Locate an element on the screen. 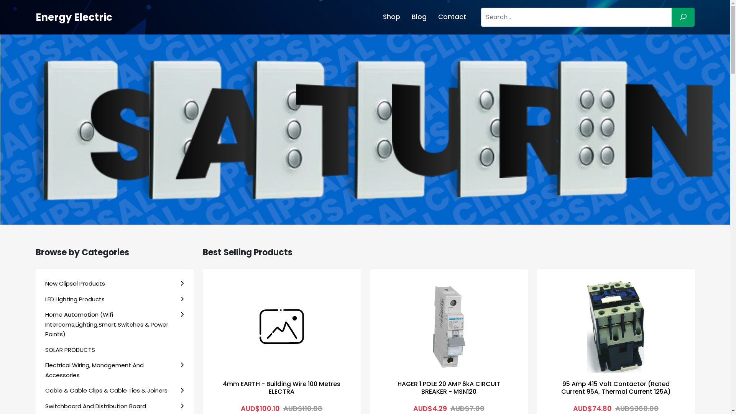  '4mm EARTH - Building Wire 100 Metres ELECTRA' is located at coordinates (281, 387).